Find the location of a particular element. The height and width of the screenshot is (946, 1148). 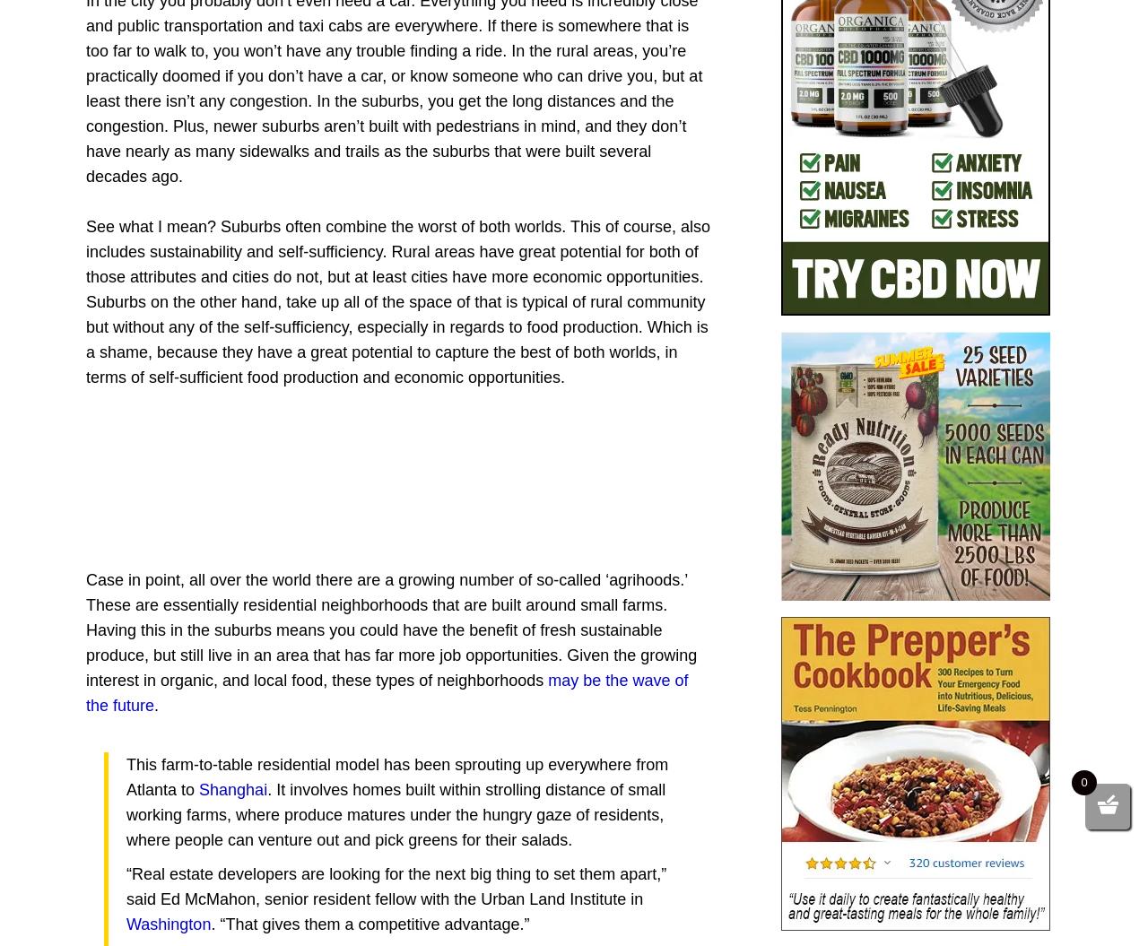

'.' is located at coordinates (156, 705).